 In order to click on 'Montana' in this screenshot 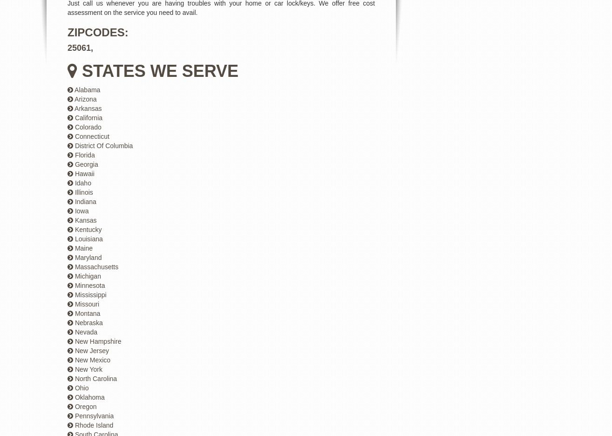, I will do `click(87, 313)`.